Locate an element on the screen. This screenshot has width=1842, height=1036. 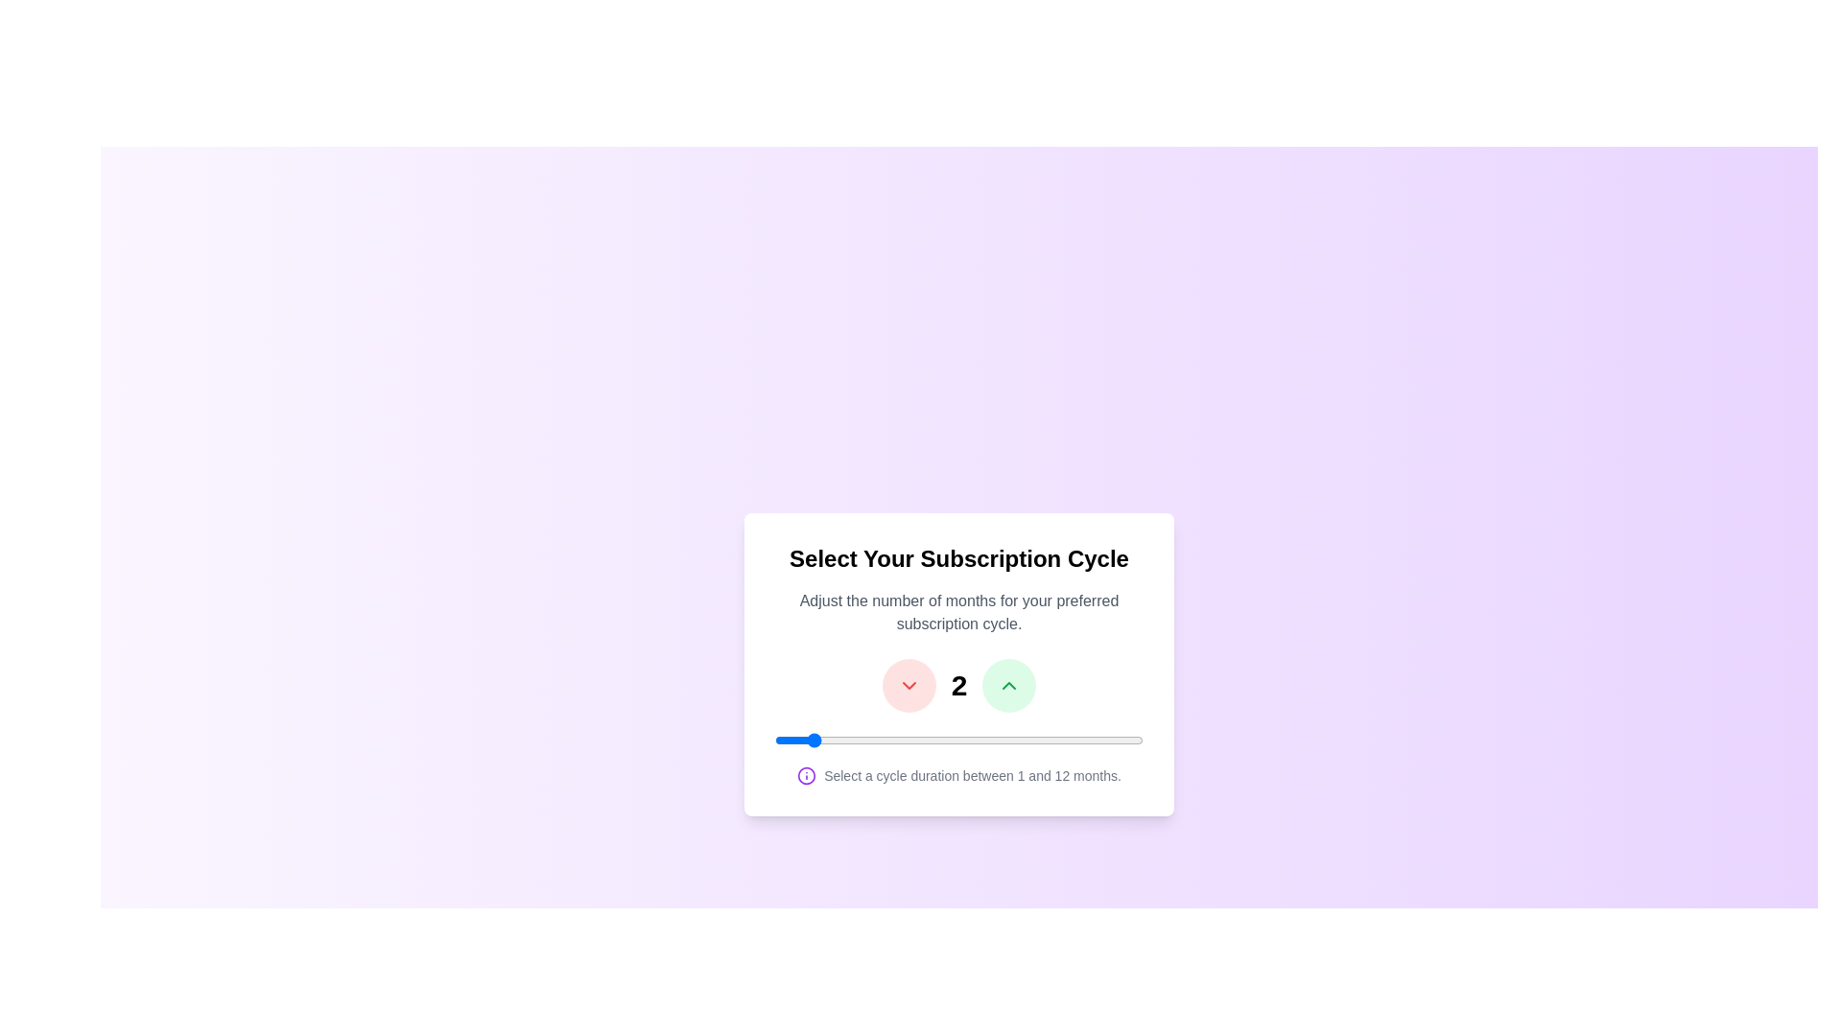
the decrement button located to the left of the bold '2' digit in the subscription cycle selection interface to reduce the cycle count is located at coordinates (908, 684).